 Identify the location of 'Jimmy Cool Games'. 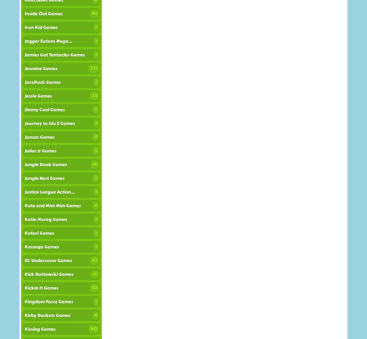
(44, 110).